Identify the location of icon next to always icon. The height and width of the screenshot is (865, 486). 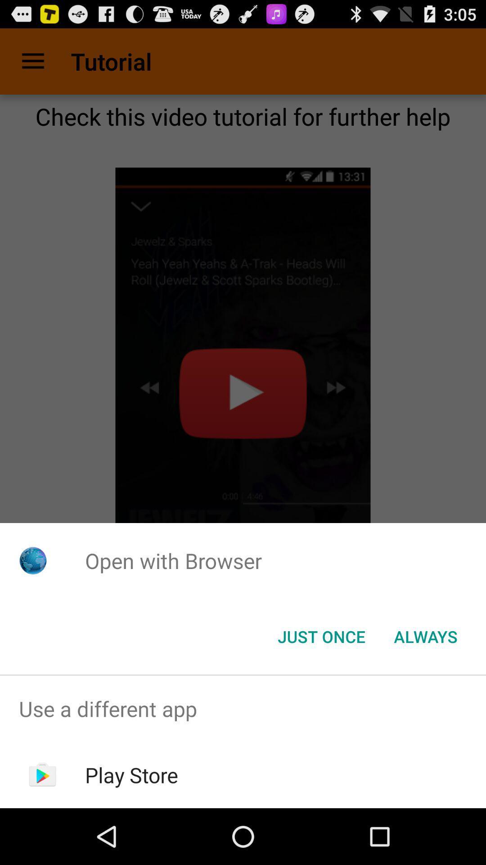
(321, 636).